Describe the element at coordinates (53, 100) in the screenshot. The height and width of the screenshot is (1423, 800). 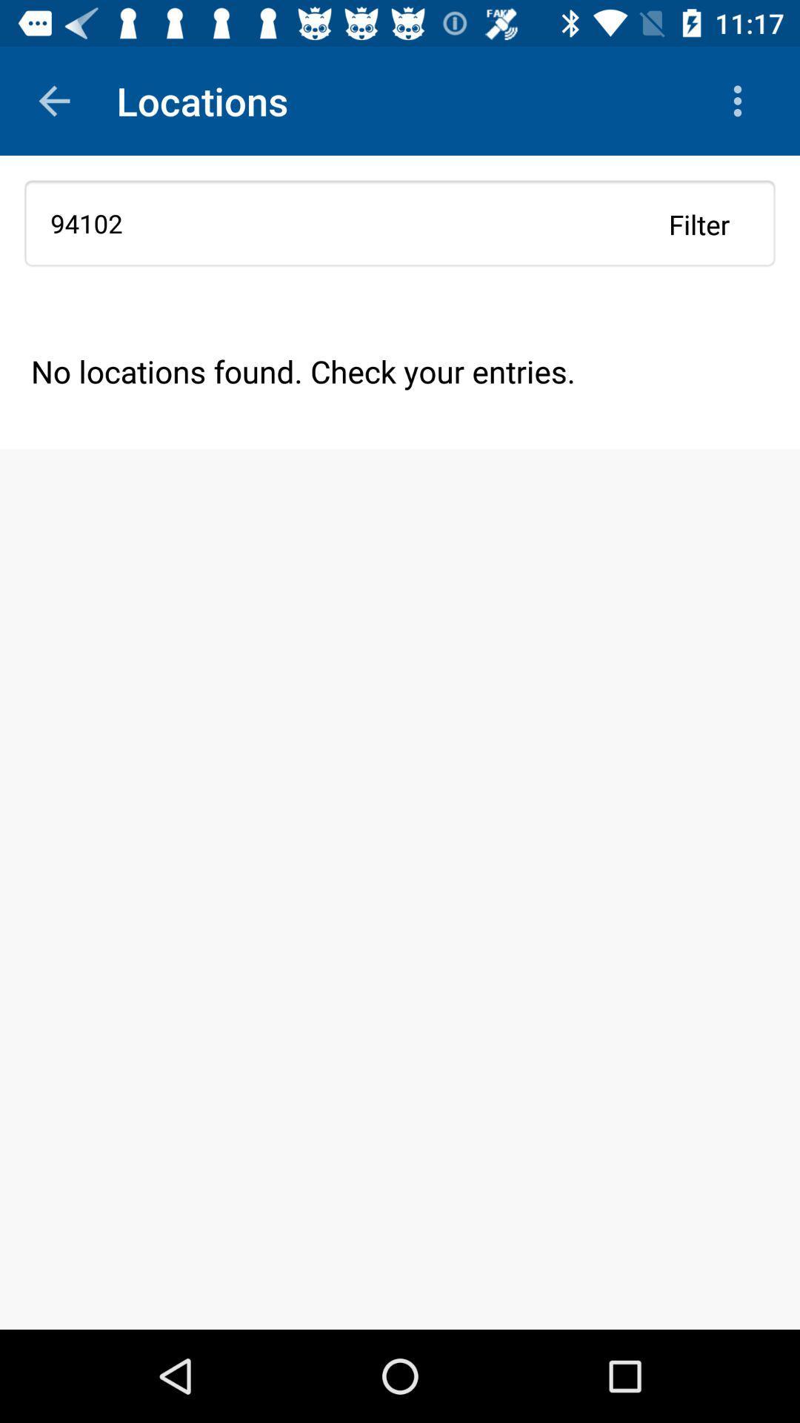
I see `the app above 94102 app` at that location.